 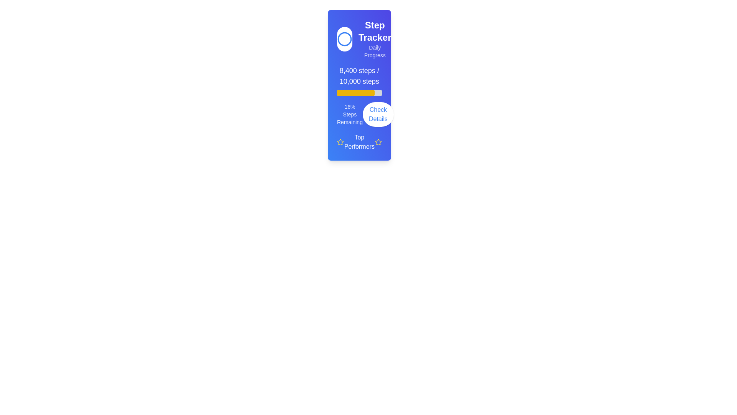 I want to click on the circular decorative icon representing the 'Step Tracker' feature, located at the top of the card above the 'Step Tracker' title, so click(x=344, y=39).